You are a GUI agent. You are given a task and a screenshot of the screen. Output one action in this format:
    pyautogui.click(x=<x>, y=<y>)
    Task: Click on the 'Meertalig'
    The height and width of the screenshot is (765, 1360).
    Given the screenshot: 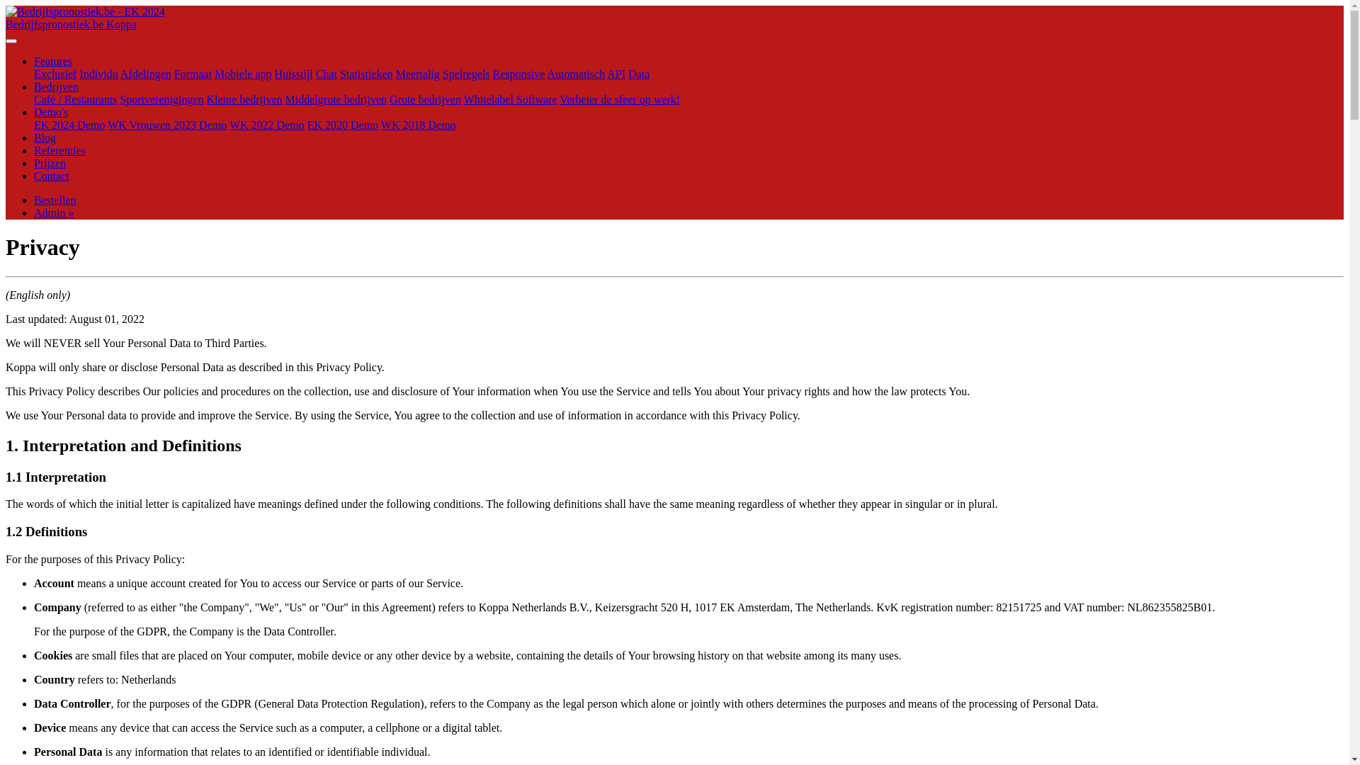 What is the action you would take?
    pyautogui.click(x=417, y=74)
    